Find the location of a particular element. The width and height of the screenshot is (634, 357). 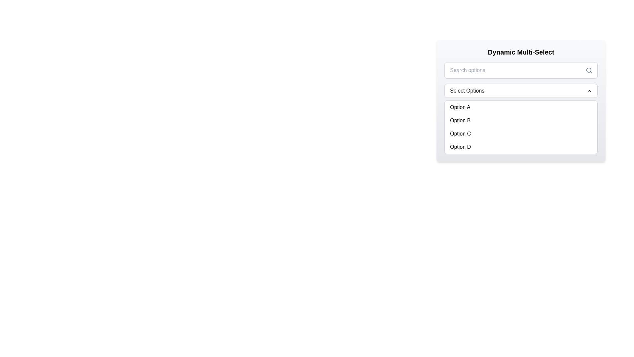

an option in the dropdown list located below the 'Select Options' dropdown menu, within the 'Dynamic Multi-Select' box is located at coordinates (521, 100).